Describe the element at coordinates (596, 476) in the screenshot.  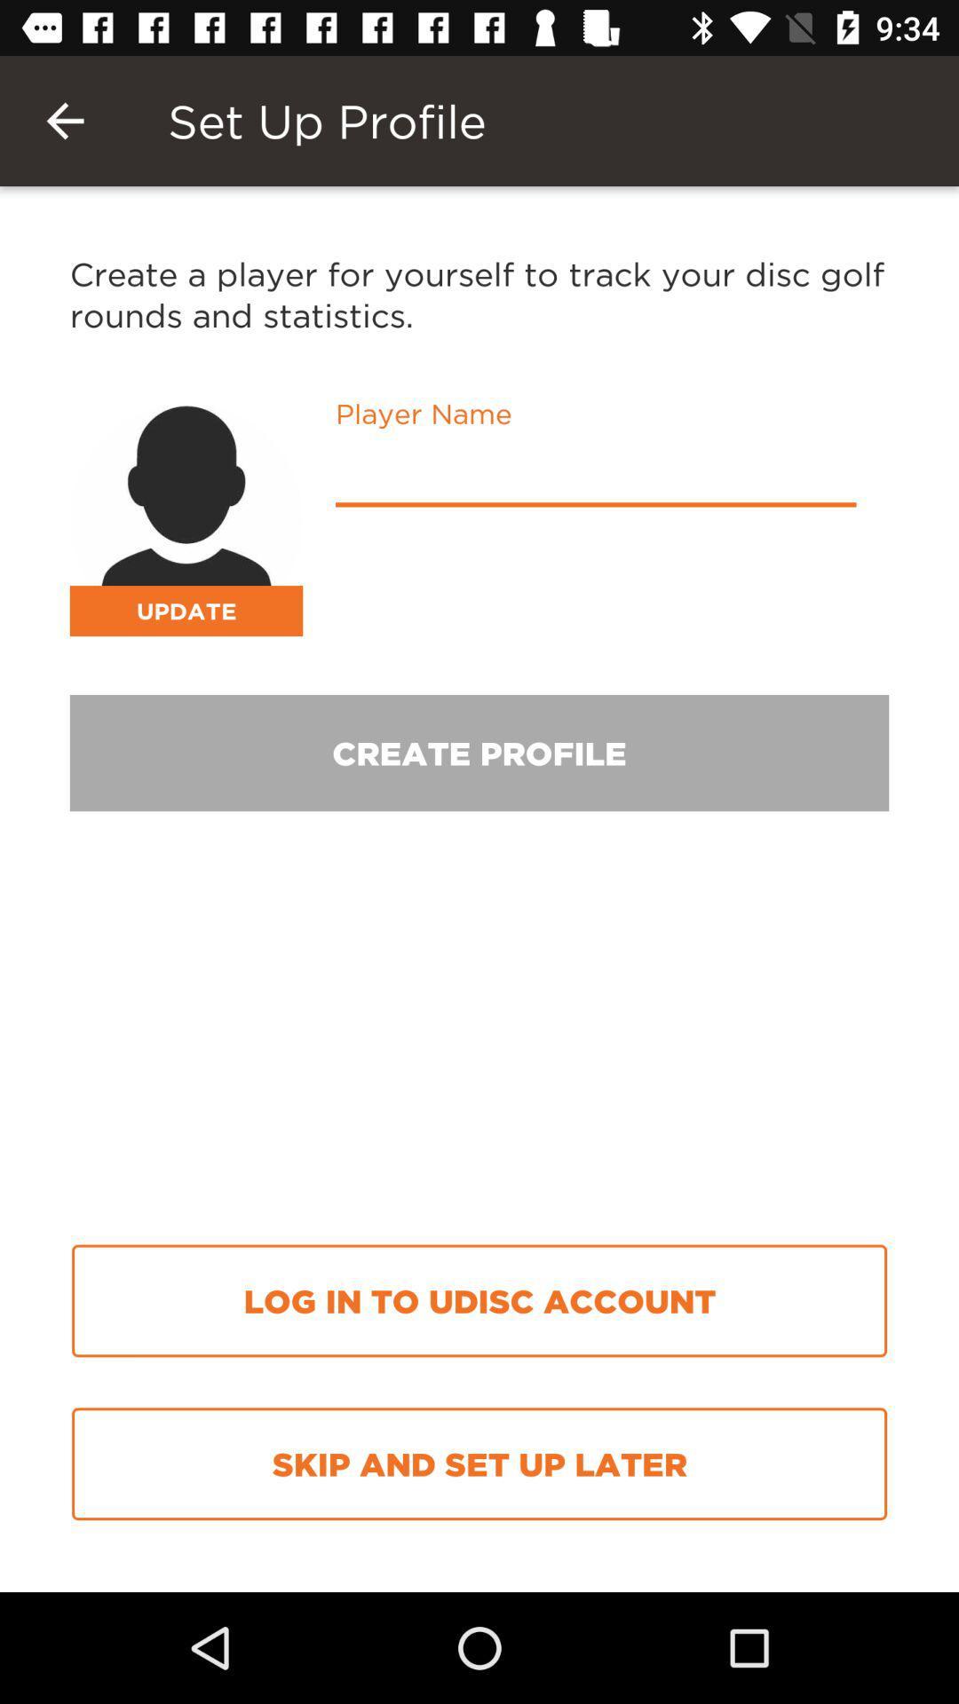
I see `username text box` at that location.